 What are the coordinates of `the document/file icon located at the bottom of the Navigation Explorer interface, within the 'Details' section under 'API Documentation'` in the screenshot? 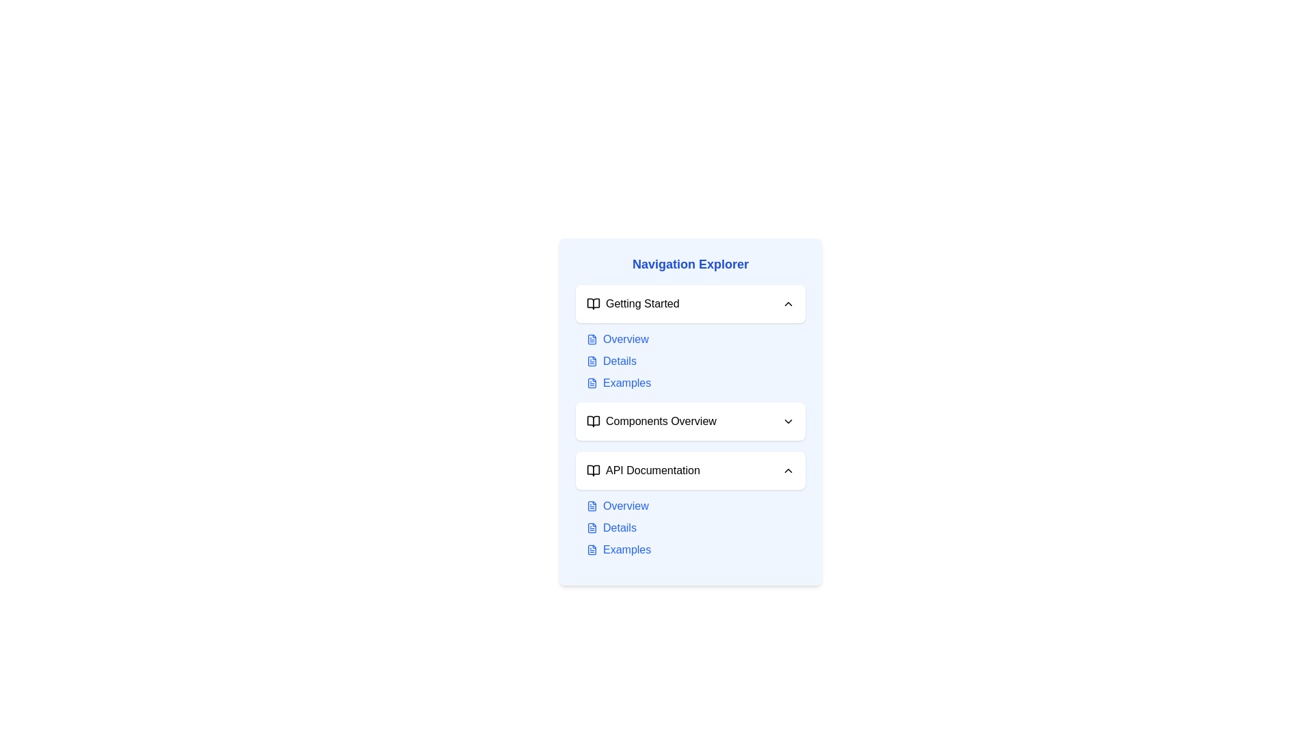 It's located at (592, 527).